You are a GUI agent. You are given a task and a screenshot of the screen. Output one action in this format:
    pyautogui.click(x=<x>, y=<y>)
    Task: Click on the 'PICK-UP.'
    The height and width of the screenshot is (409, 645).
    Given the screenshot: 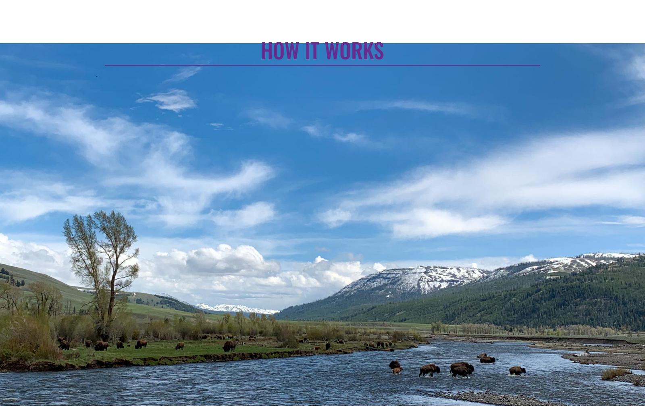 What is the action you would take?
    pyautogui.click(x=375, y=111)
    